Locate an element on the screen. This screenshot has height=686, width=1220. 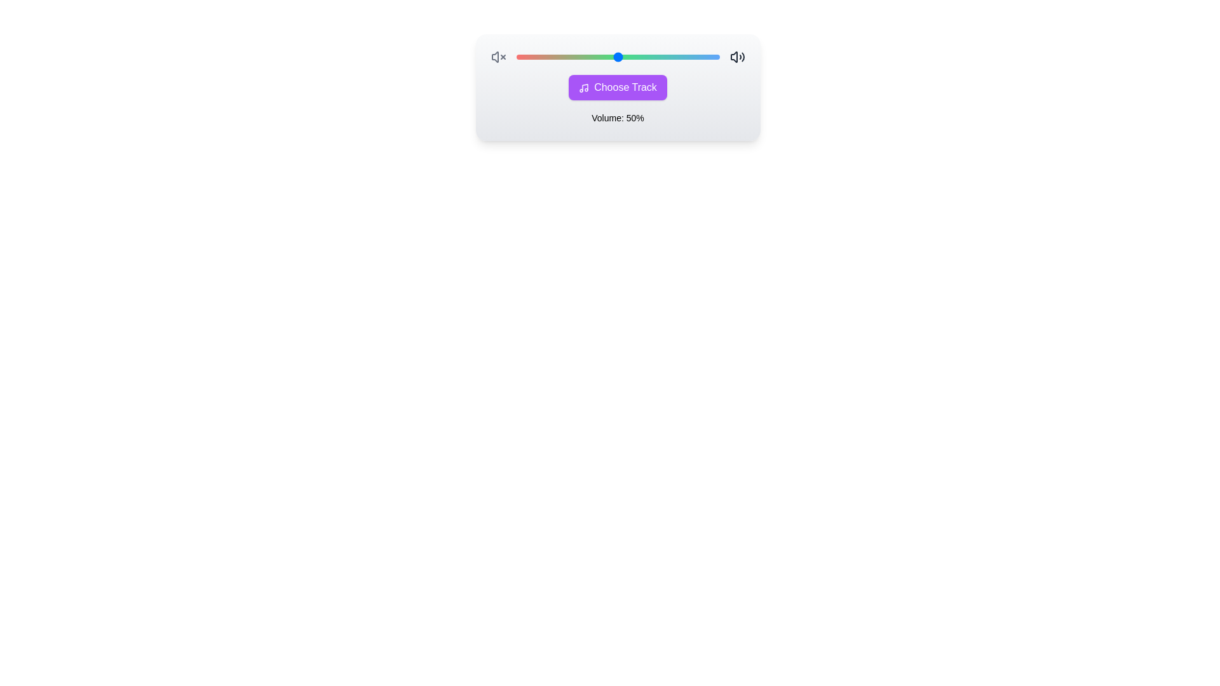
the volume slider to set the volume to 11% is located at coordinates (516, 56).